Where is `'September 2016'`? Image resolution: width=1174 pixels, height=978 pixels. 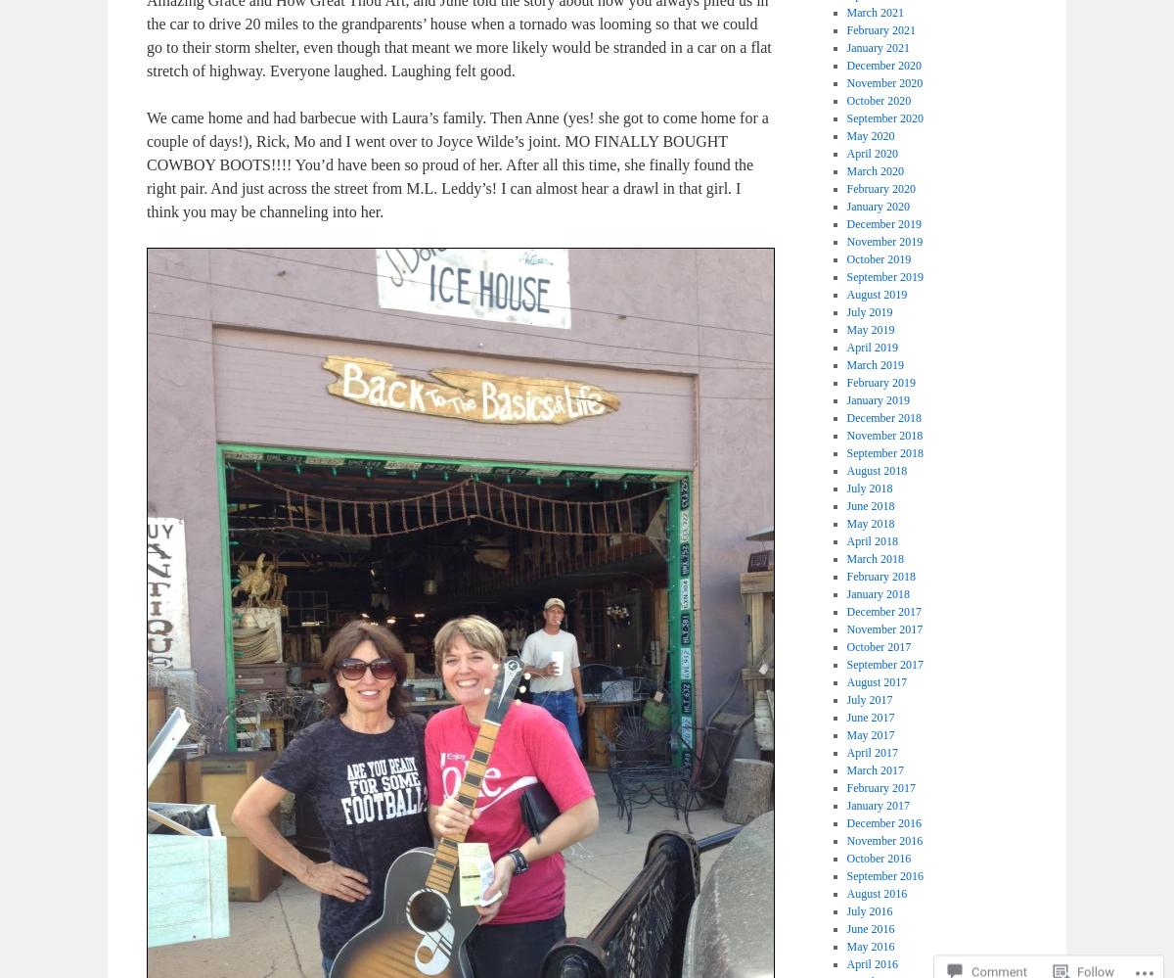
'September 2016' is located at coordinates (883, 876).